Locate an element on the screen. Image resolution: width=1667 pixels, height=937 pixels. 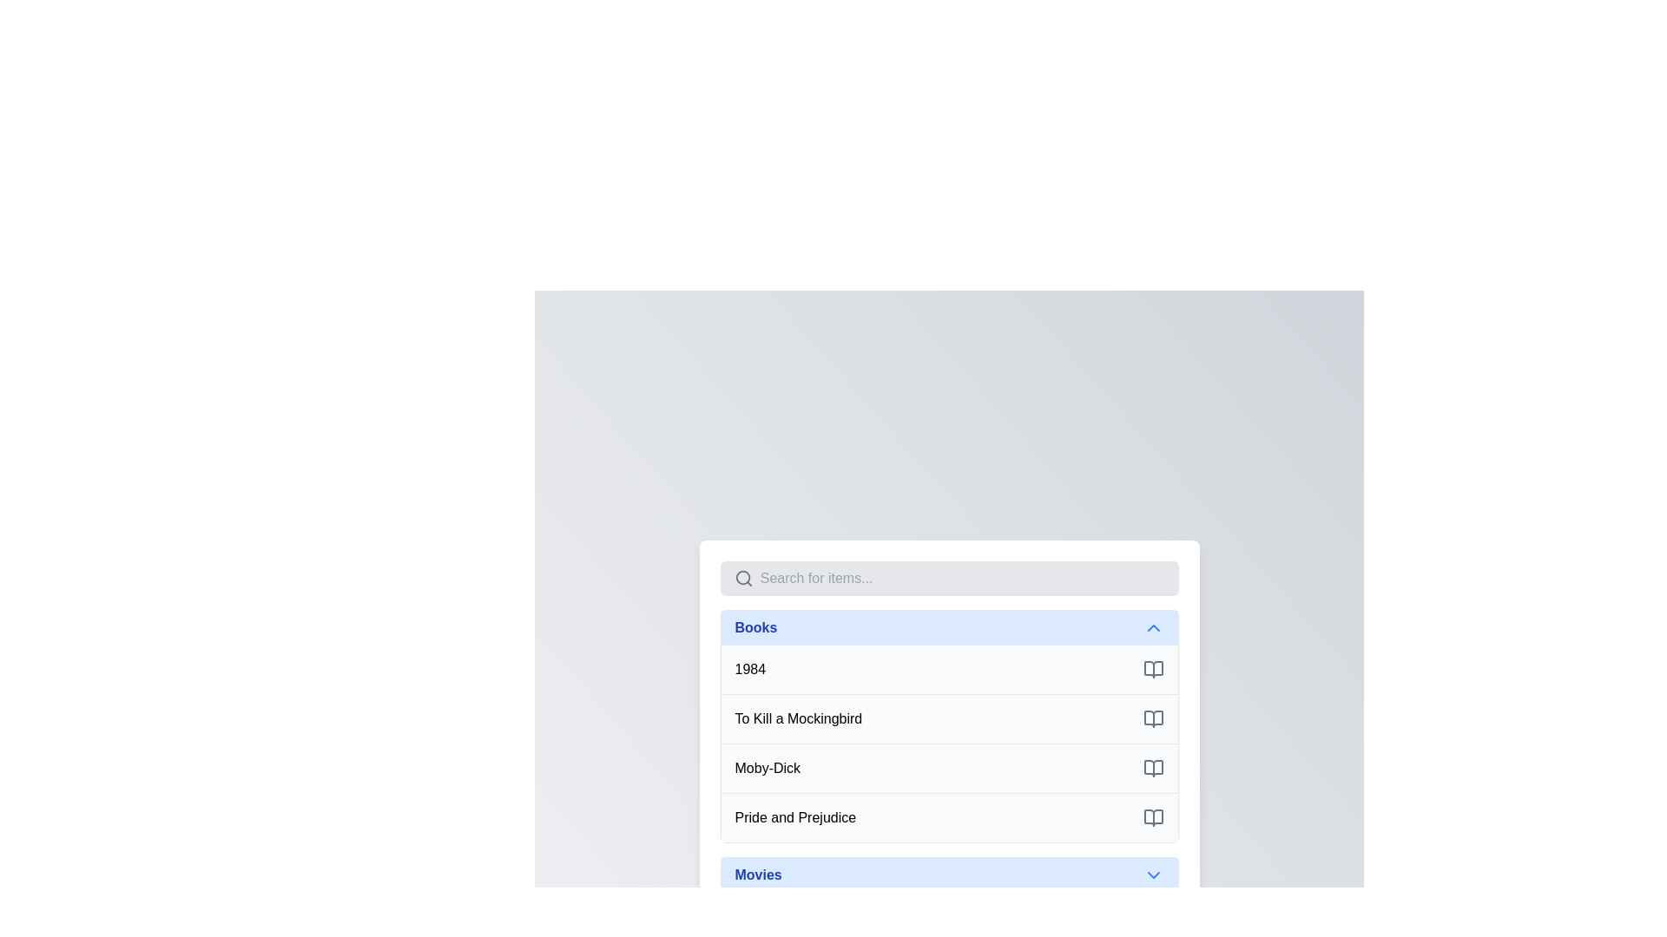
the text label element displaying 'Moby-Dick', which is positioned in a vertical list of book titles, third below 'To Kill a Mockingbird' is located at coordinates (767, 767).